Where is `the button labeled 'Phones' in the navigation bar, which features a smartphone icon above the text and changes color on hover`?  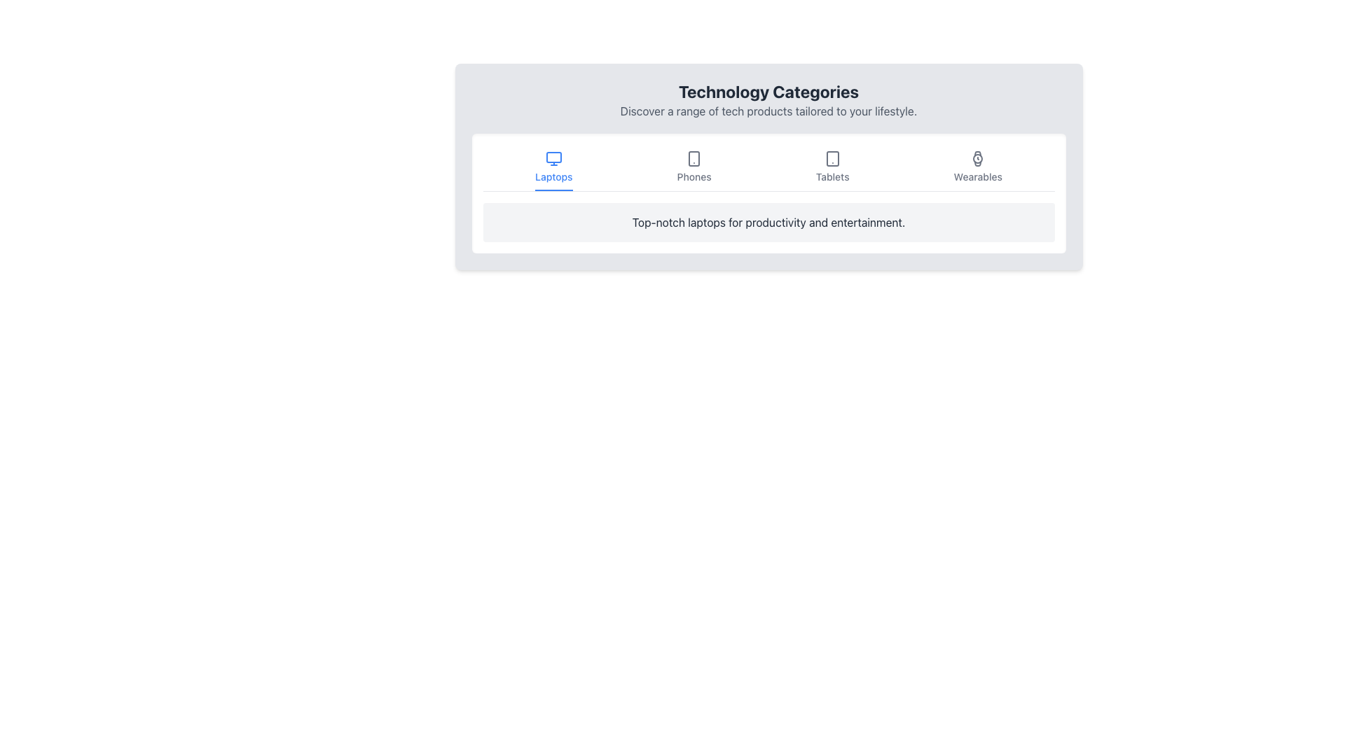
the button labeled 'Phones' in the navigation bar, which features a smartphone icon above the text and changes color on hover is located at coordinates (694, 167).